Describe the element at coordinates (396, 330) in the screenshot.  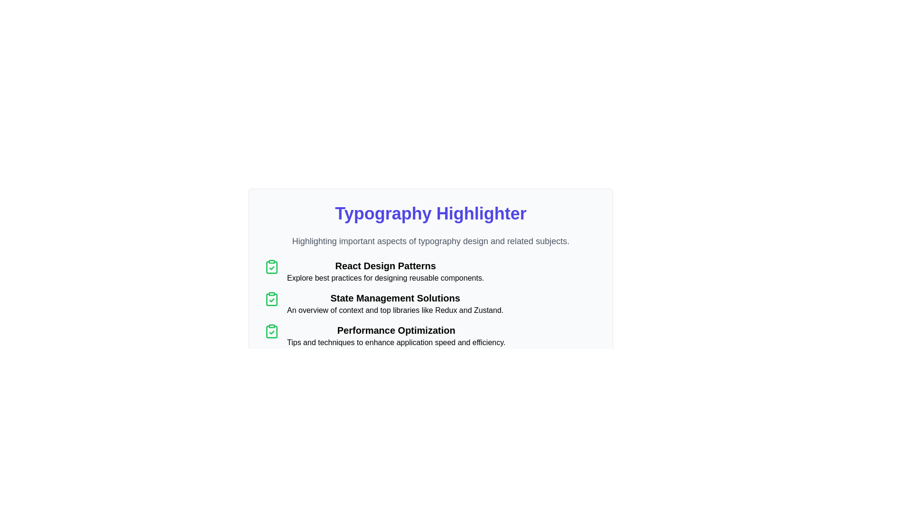
I see `text 'Performance Optimization' which is styled as bold and is part of the Typography Highlighter section, positioned centrally at the bottom of the list` at that location.